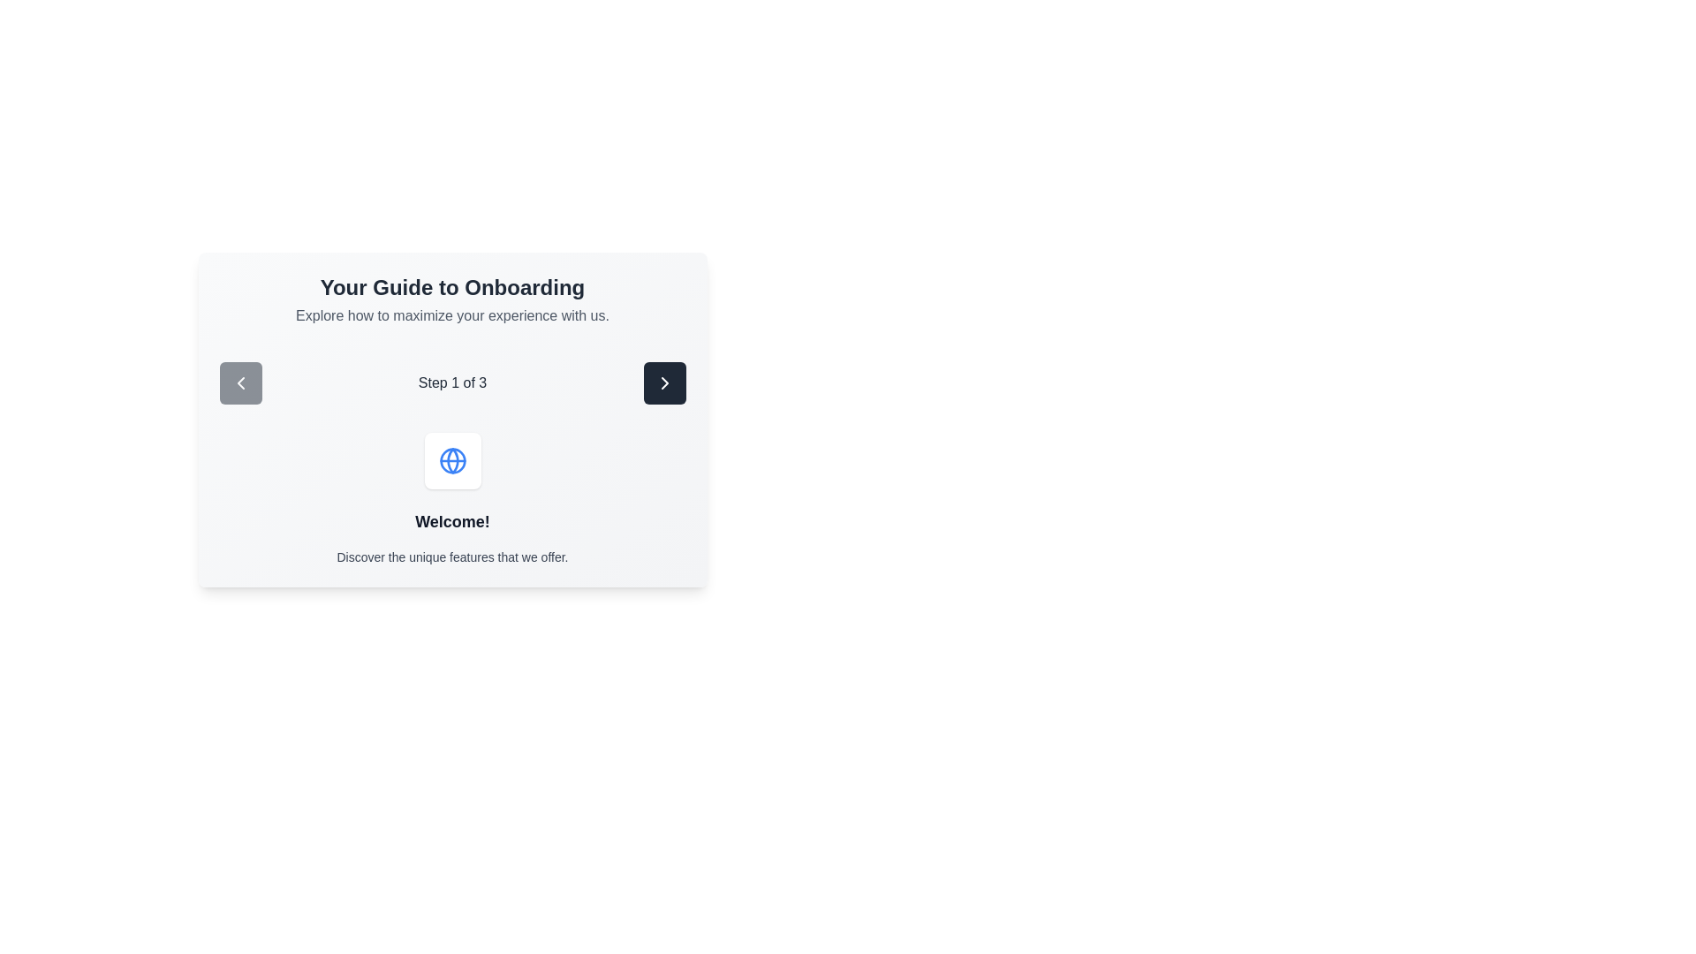  What do you see at coordinates (452, 382) in the screenshot?
I see `the static text label that indicates the user's current step in a multi-step process, displaying 'Step 1 of 3'` at bounding box center [452, 382].